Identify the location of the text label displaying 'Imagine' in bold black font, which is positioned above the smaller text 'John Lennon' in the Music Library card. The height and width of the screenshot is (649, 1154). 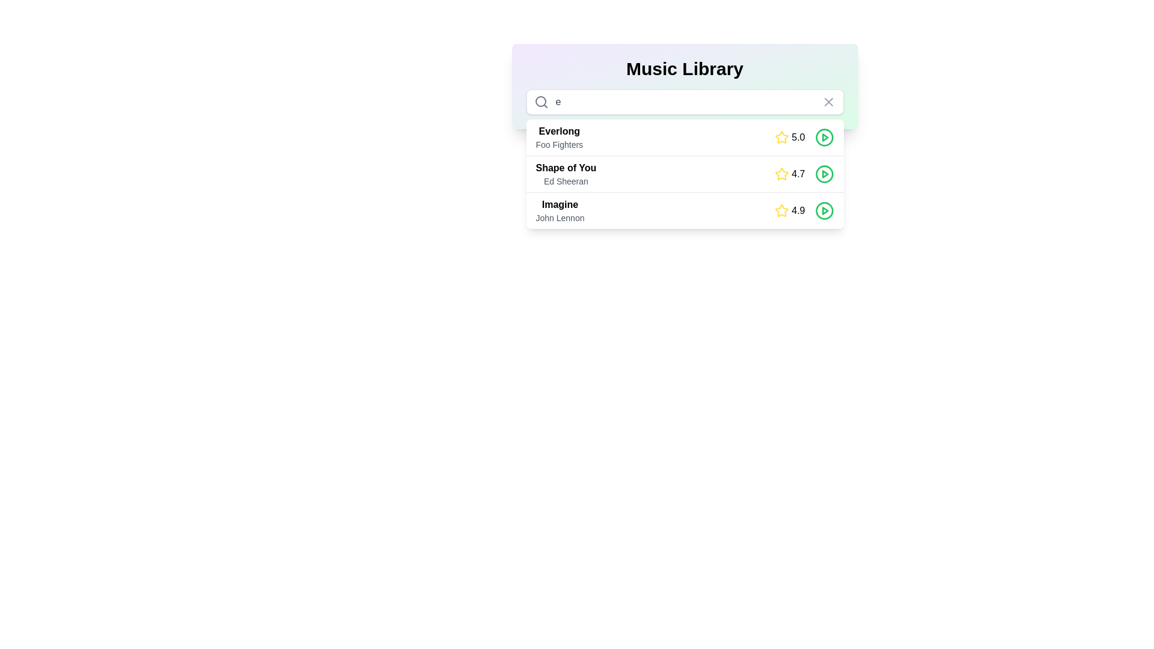
(559, 204).